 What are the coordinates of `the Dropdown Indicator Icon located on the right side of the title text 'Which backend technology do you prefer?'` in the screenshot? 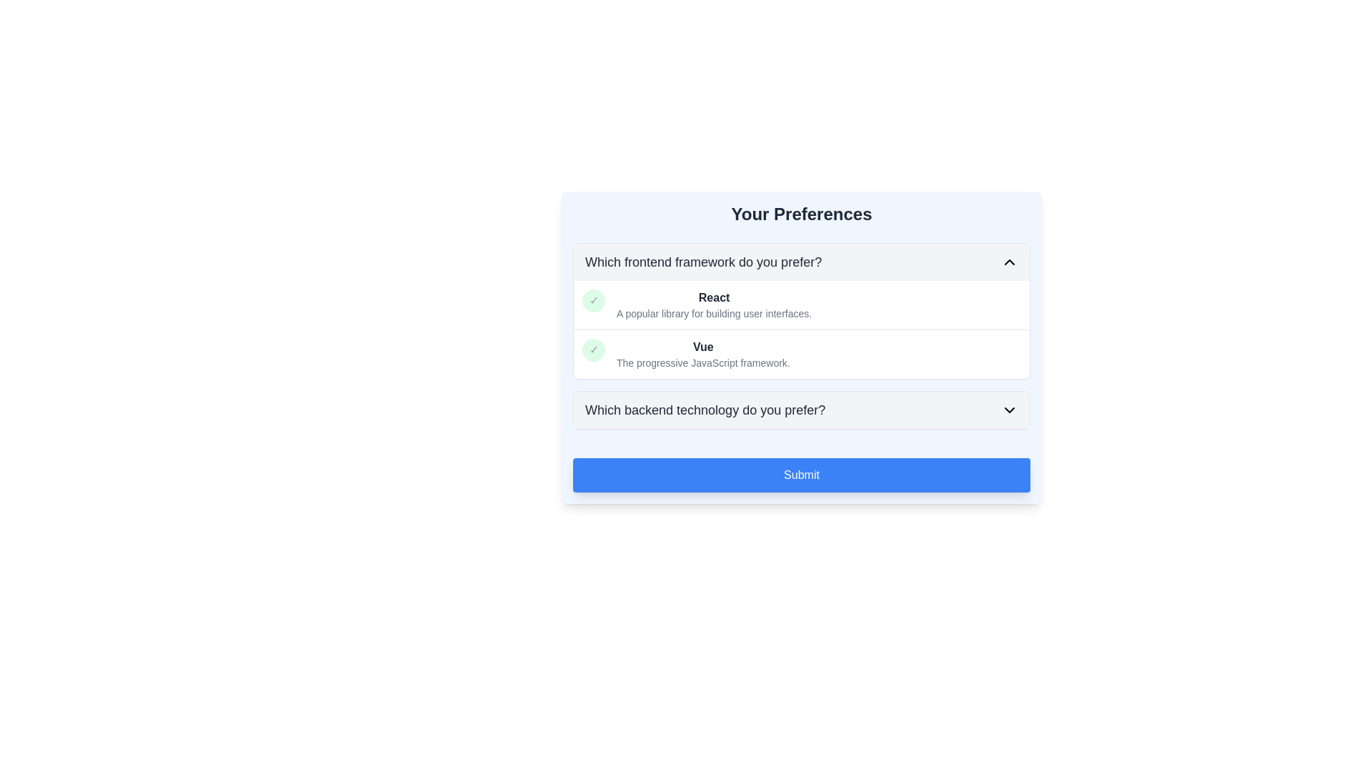 It's located at (1008, 410).